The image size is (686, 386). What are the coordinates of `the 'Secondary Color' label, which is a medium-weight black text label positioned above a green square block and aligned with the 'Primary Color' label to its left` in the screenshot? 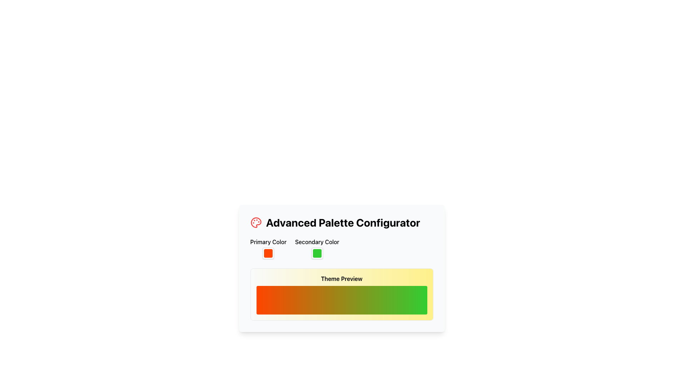 It's located at (317, 248).